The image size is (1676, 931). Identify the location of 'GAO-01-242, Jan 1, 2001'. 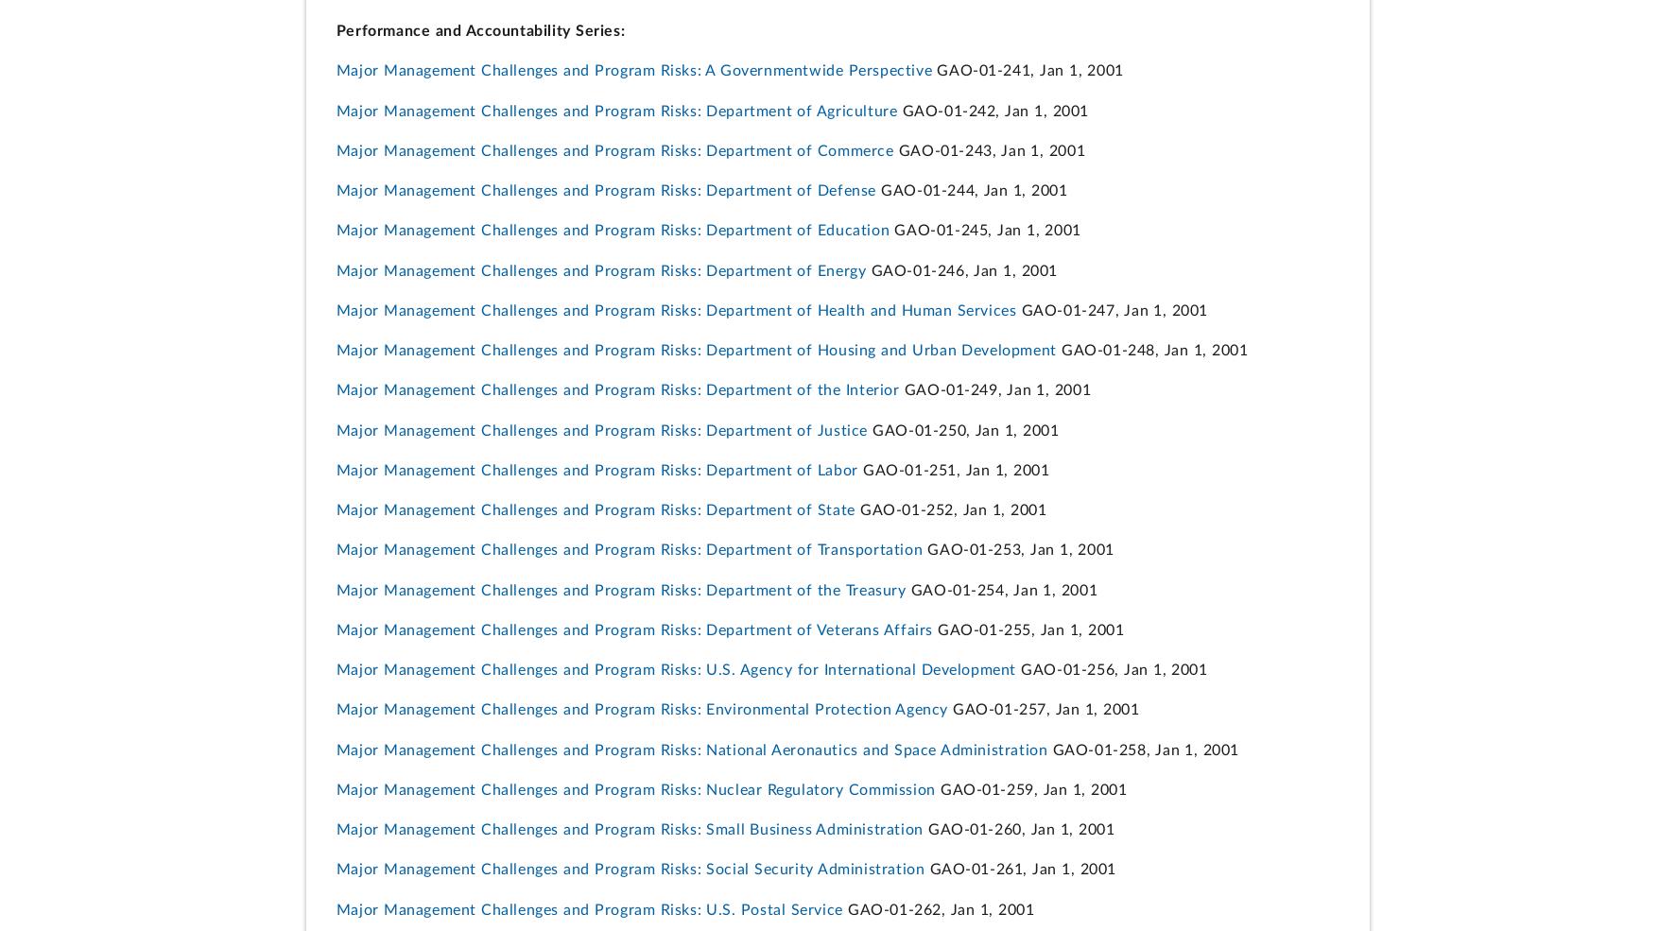
(992, 111).